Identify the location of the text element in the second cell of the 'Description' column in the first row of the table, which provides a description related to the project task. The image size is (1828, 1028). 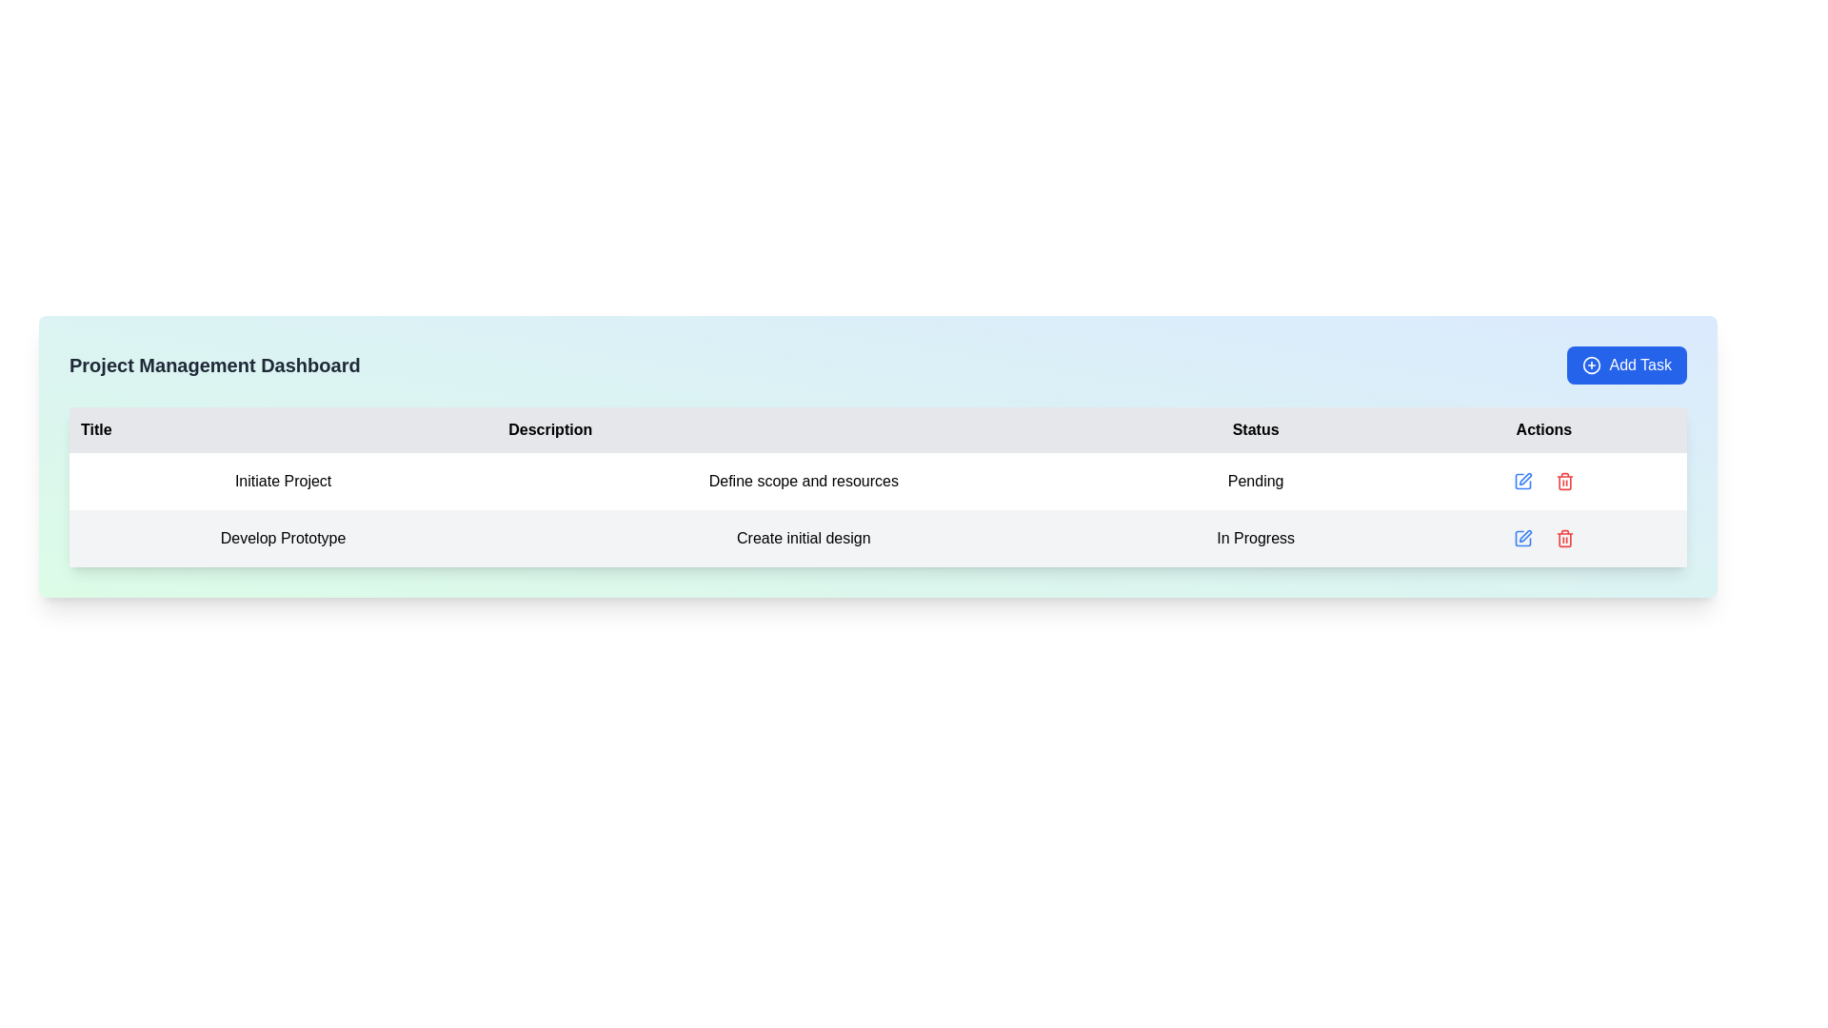
(804, 480).